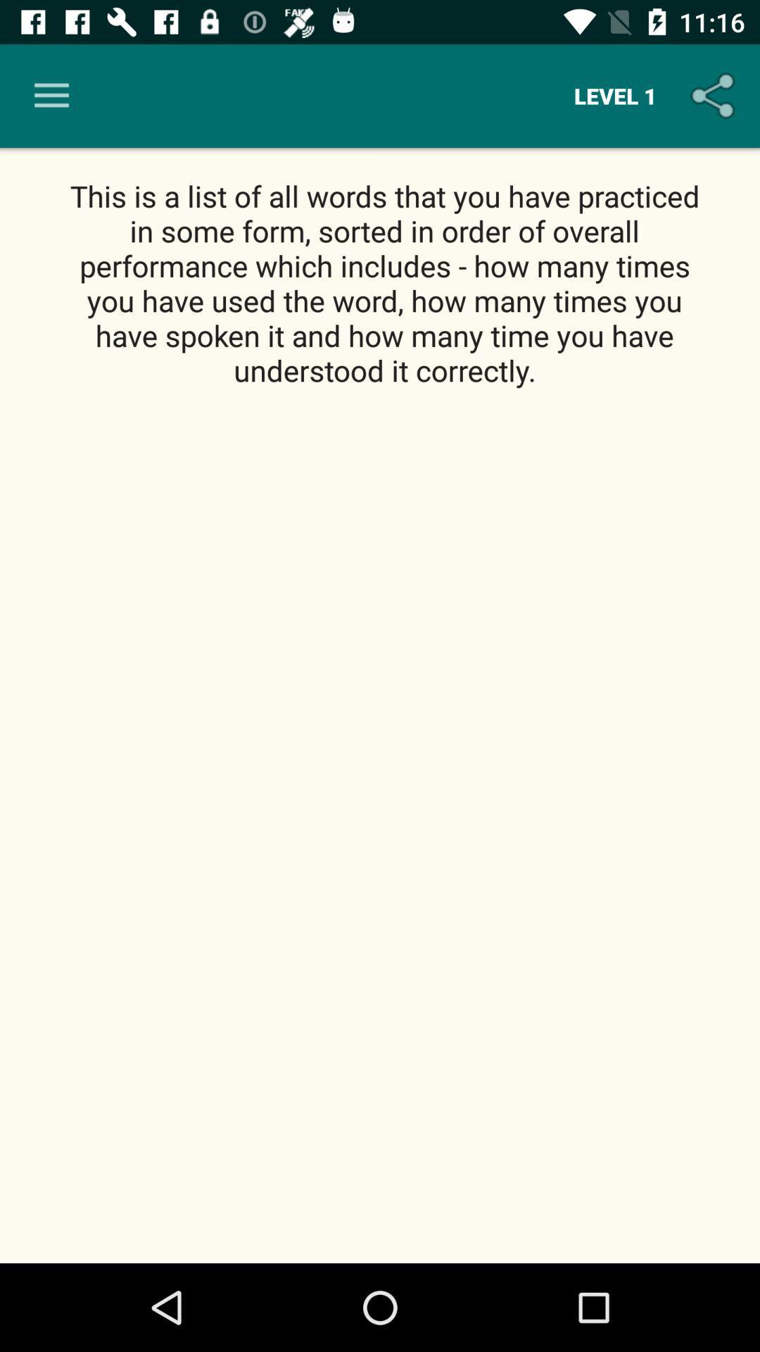 The image size is (760, 1352). What do you see at coordinates (716, 95) in the screenshot?
I see `the icon to the right of the level 1 icon` at bounding box center [716, 95].